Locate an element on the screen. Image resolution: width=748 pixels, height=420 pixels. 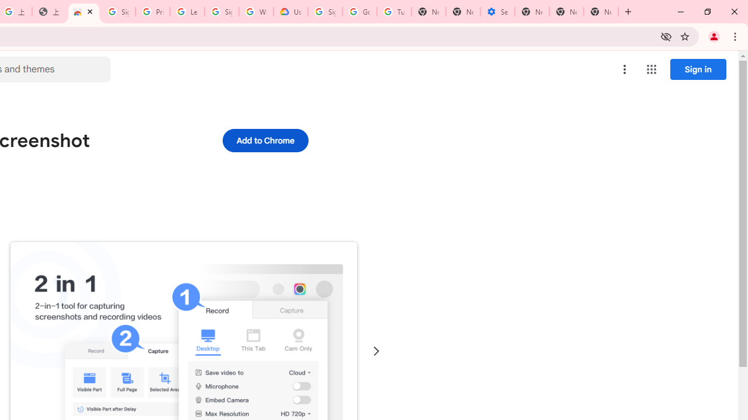
'Awesome Screen Recorder & Screenshot - Chrome Web Store' is located at coordinates (83, 12).